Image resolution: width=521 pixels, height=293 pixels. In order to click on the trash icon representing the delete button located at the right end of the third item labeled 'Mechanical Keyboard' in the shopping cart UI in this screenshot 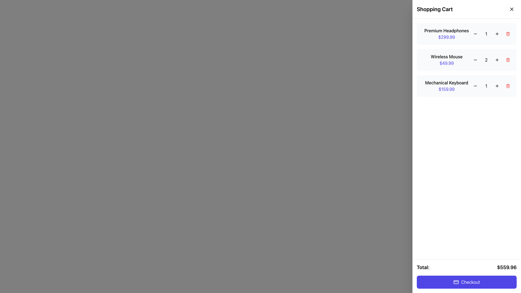, I will do `click(508, 85)`.